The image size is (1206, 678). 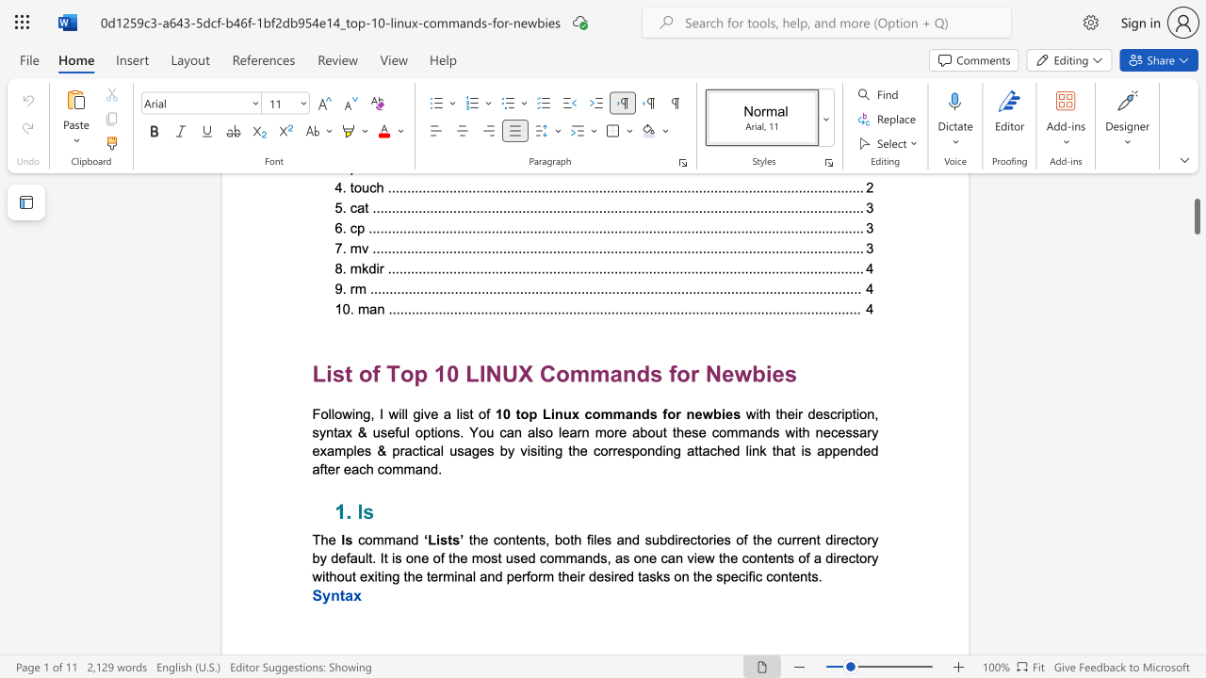 What do you see at coordinates (379, 412) in the screenshot?
I see `the subset text "I will give a list o" within the text "Following, I will give a list of"` at bounding box center [379, 412].